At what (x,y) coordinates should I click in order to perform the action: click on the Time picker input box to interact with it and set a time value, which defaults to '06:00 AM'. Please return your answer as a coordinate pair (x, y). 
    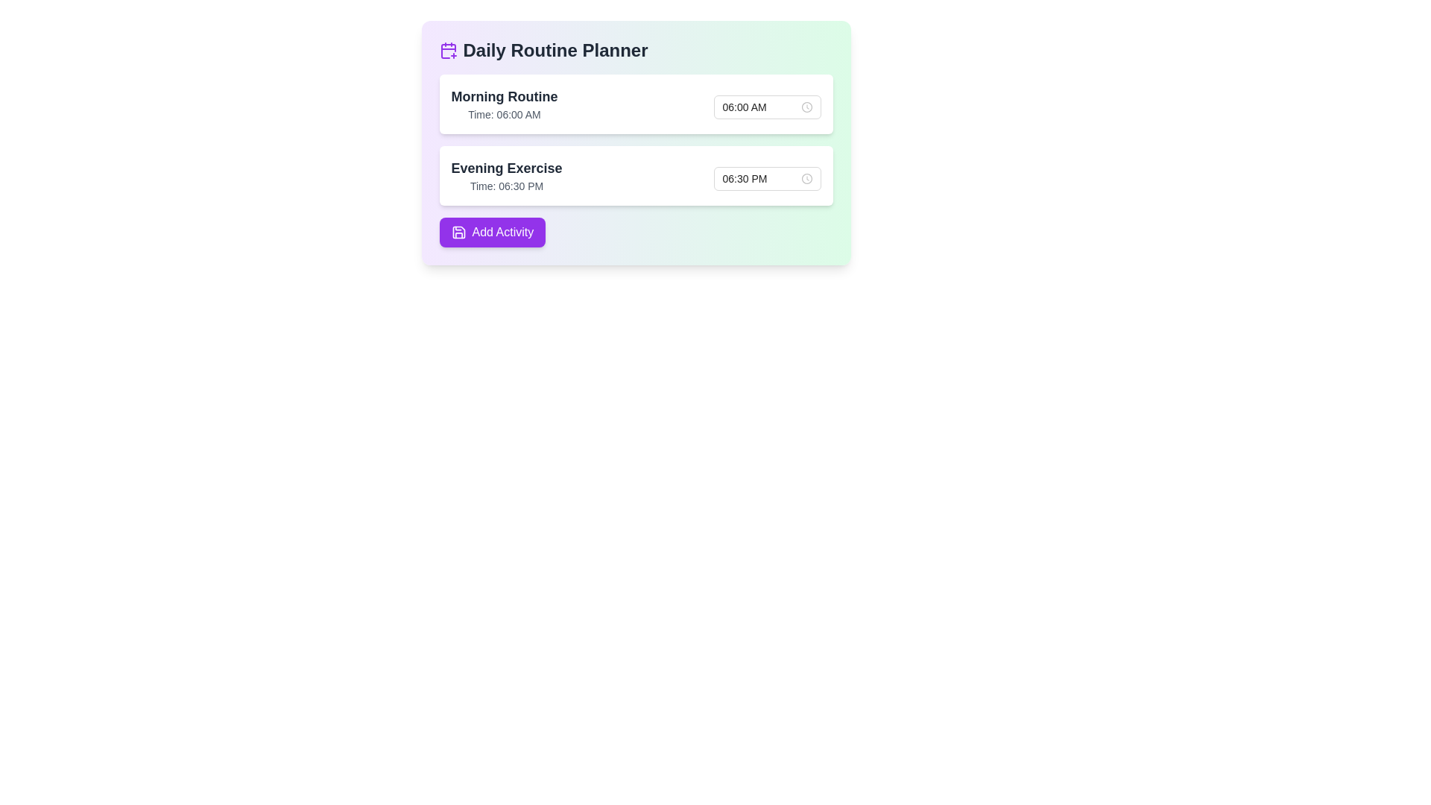
    Looking at the image, I should click on (767, 106).